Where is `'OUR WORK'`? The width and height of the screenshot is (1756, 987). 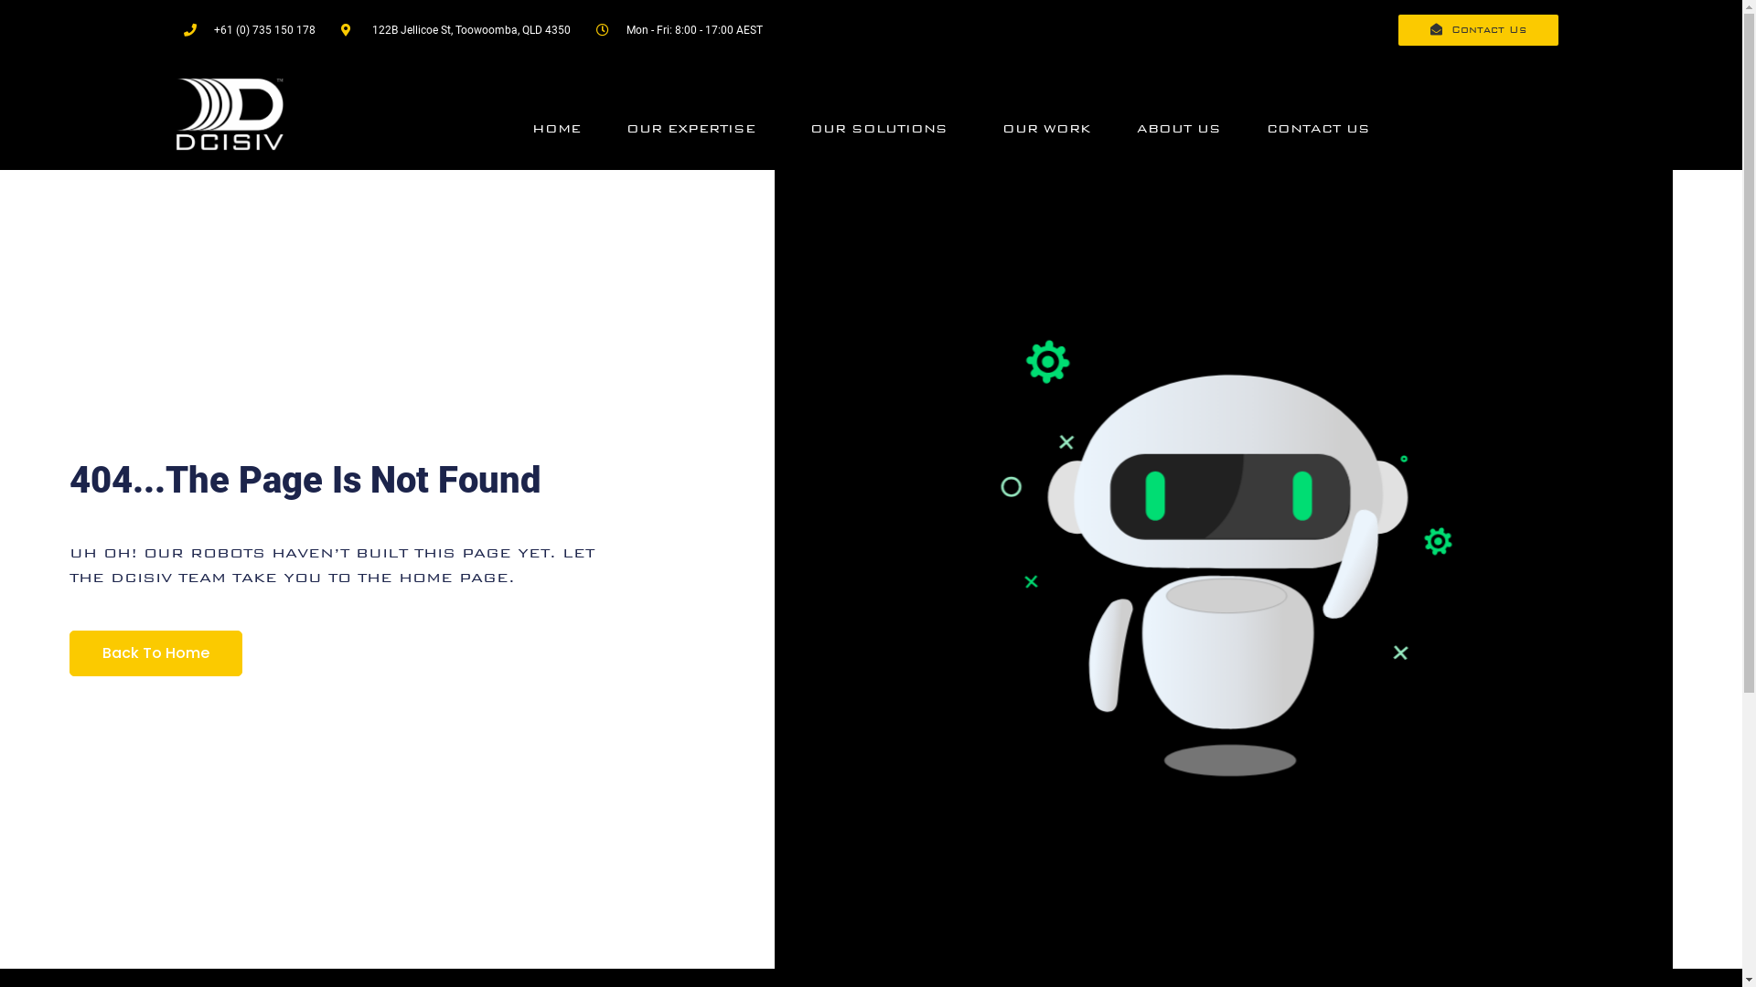
'OUR WORK' is located at coordinates (1046, 128).